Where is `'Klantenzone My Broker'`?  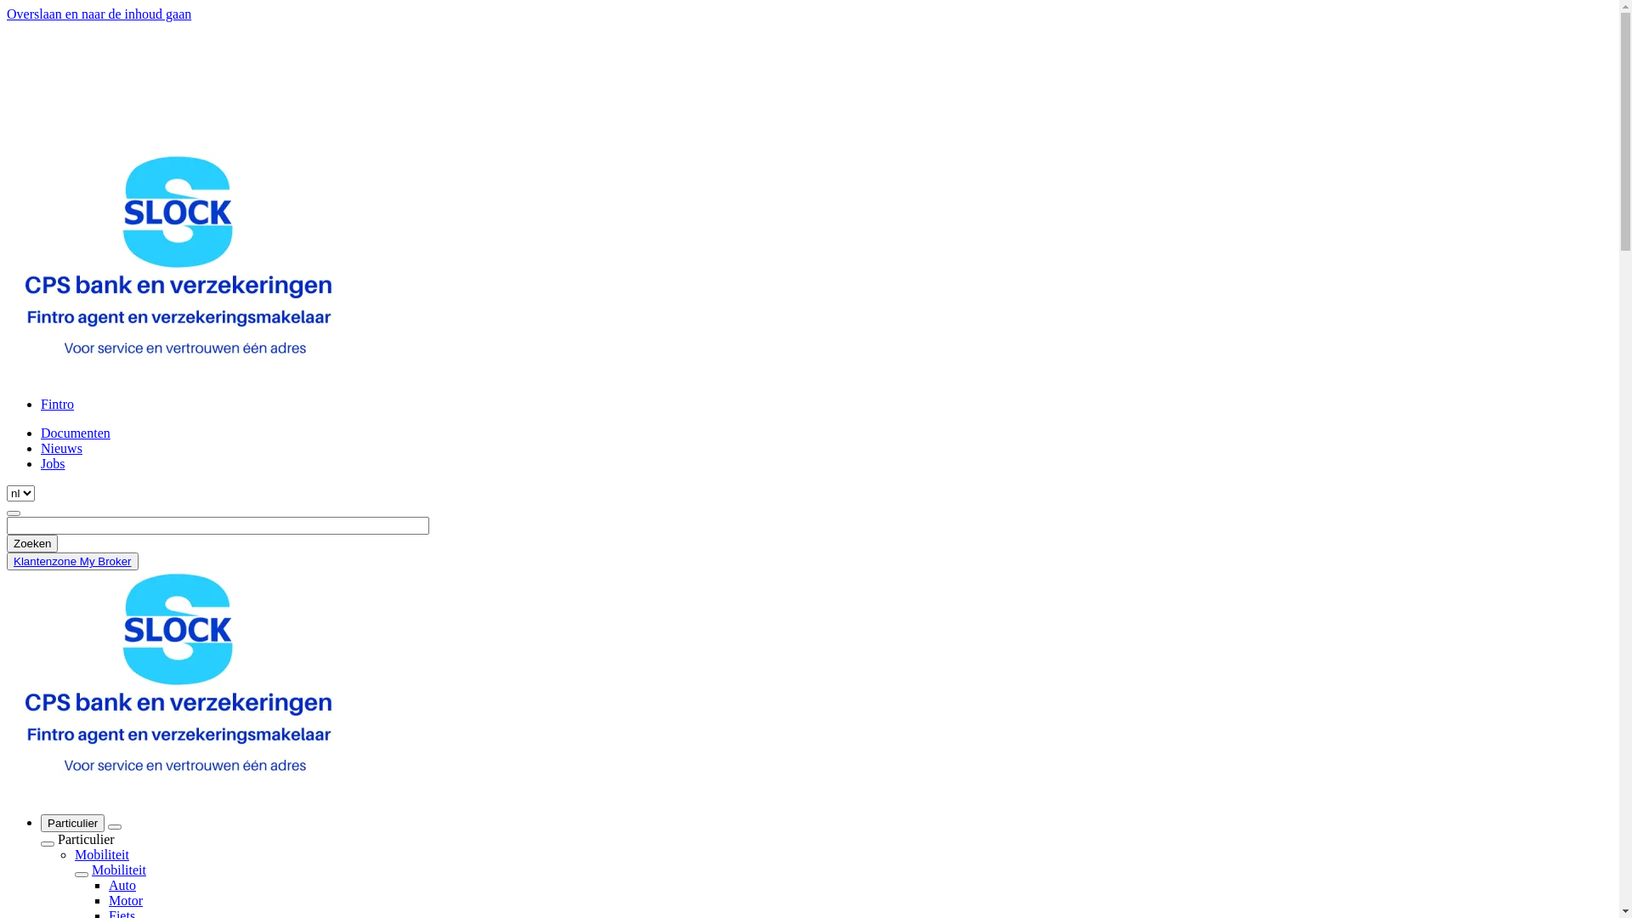
'Klantenzone My Broker' is located at coordinates (71, 561).